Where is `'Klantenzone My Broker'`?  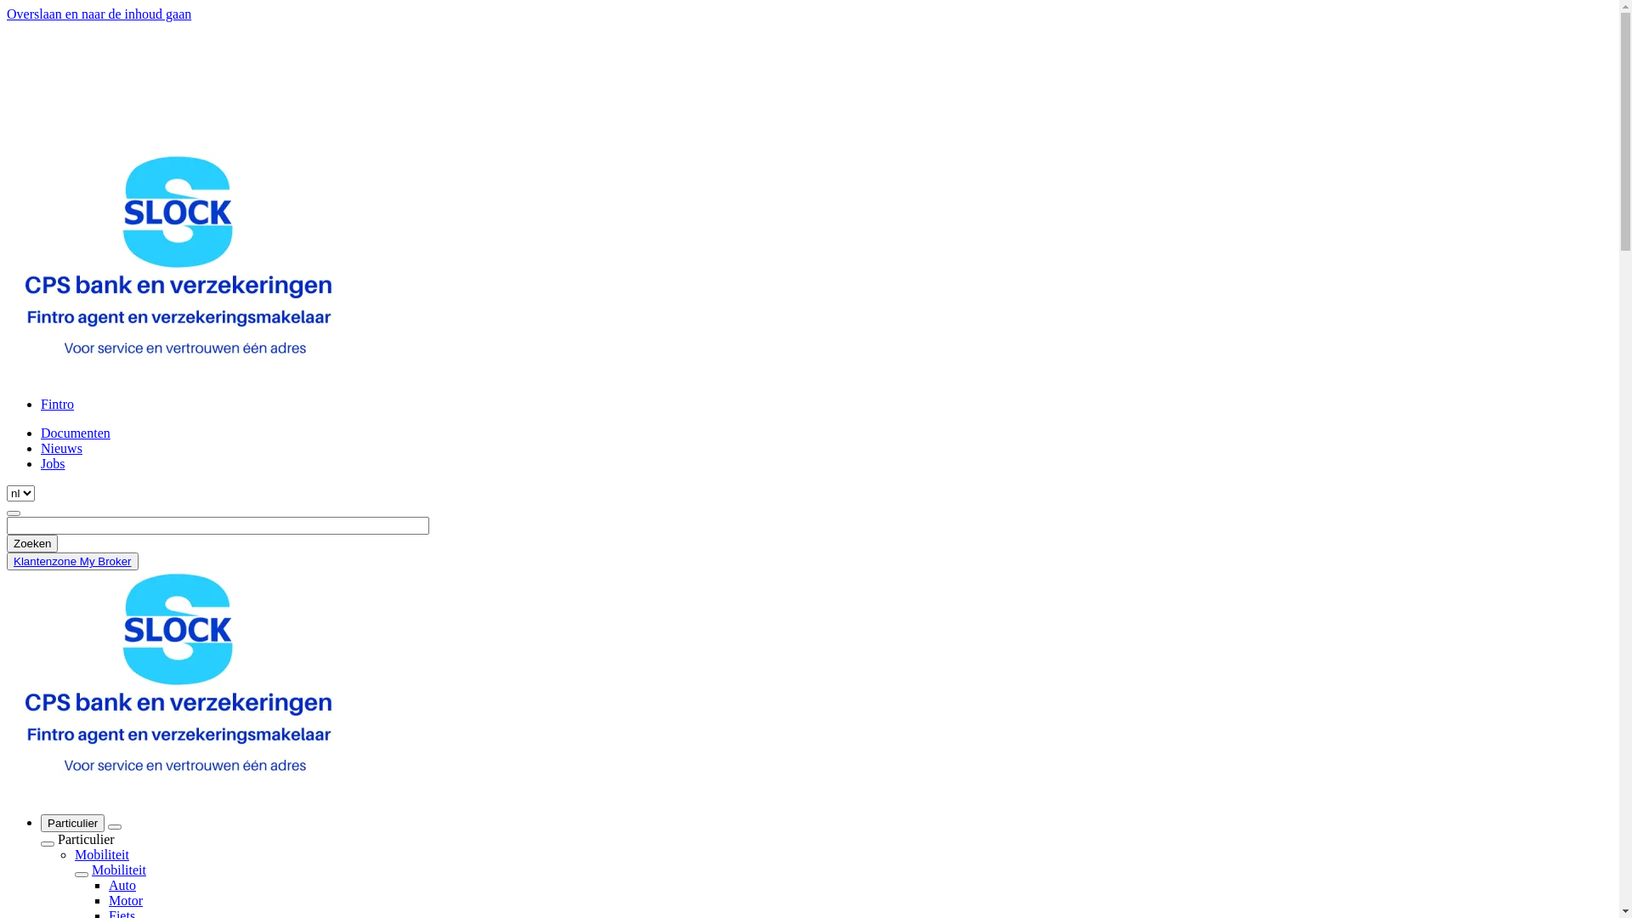
'Klantenzone My Broker' is located at coordinates (71, 561).